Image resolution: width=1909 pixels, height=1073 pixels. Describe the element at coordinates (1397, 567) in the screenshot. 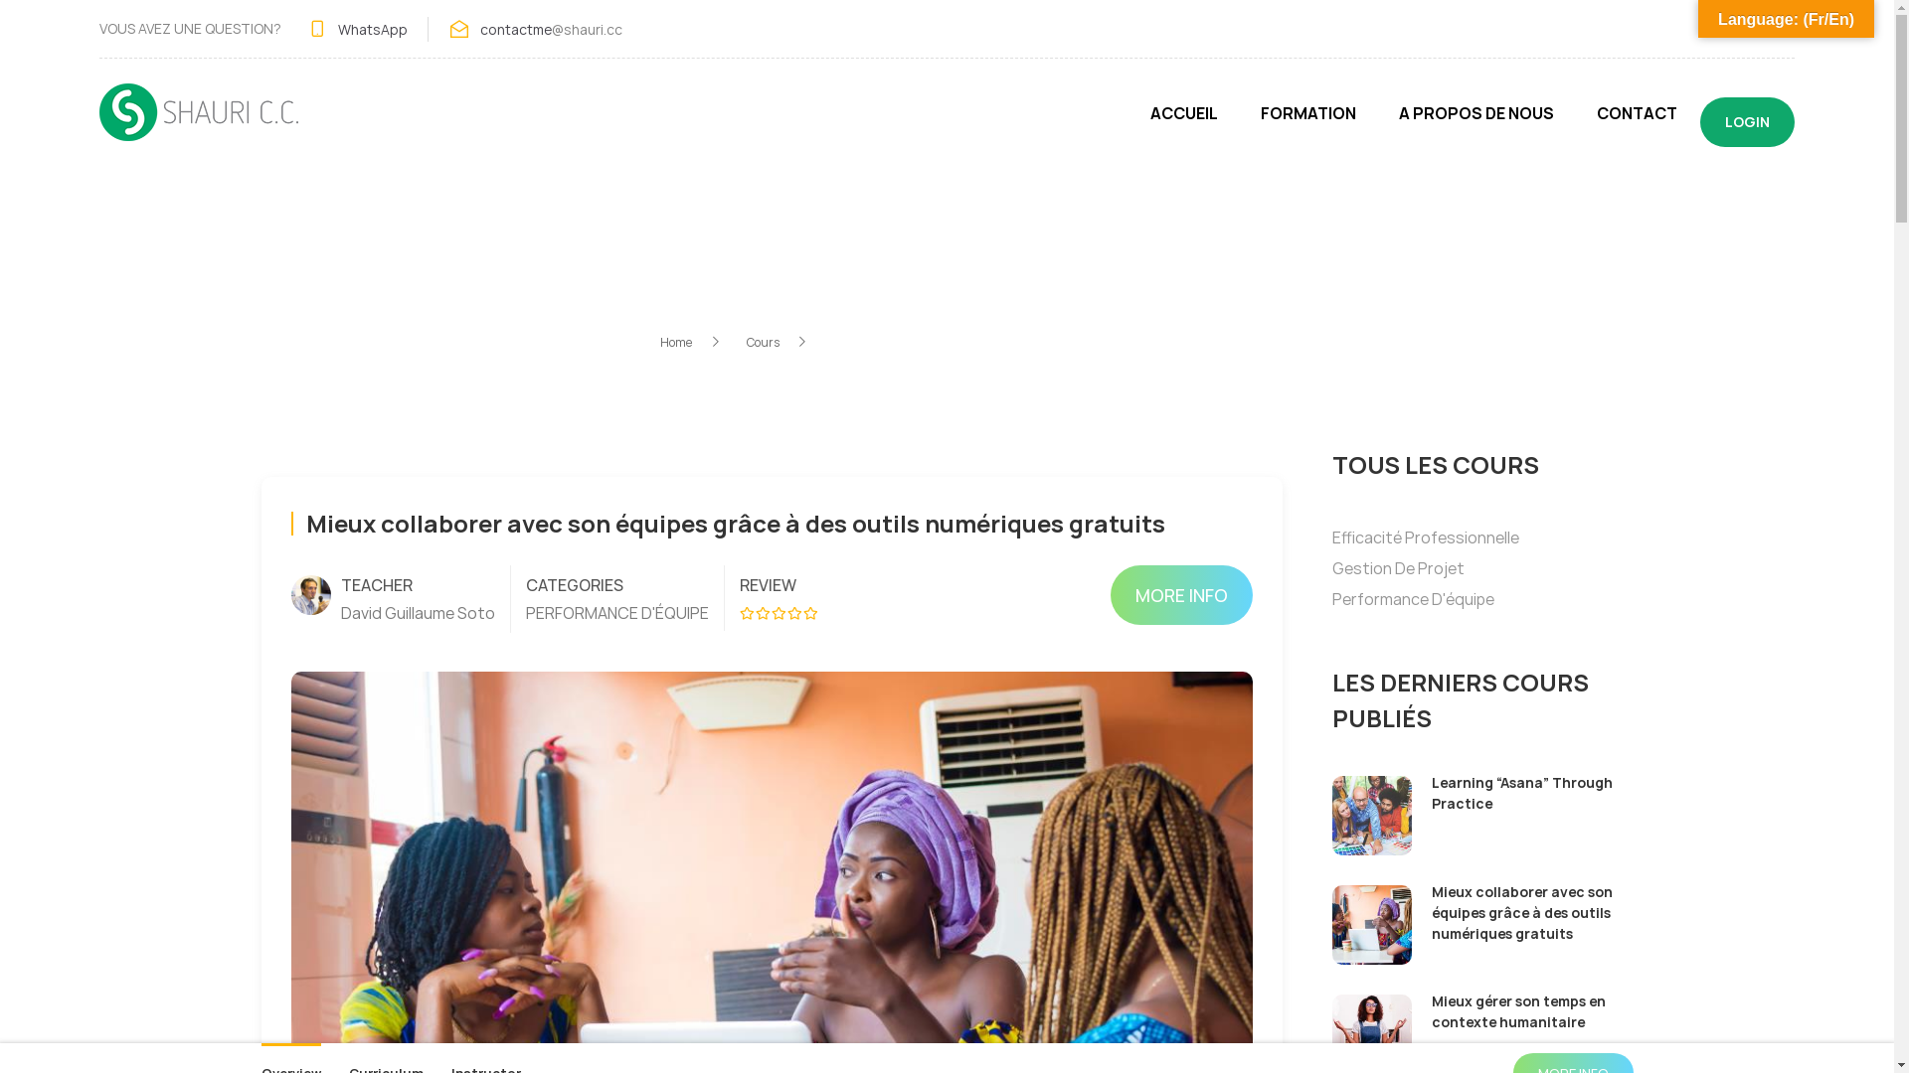

I see `'Gestion De Projet'` at that location.